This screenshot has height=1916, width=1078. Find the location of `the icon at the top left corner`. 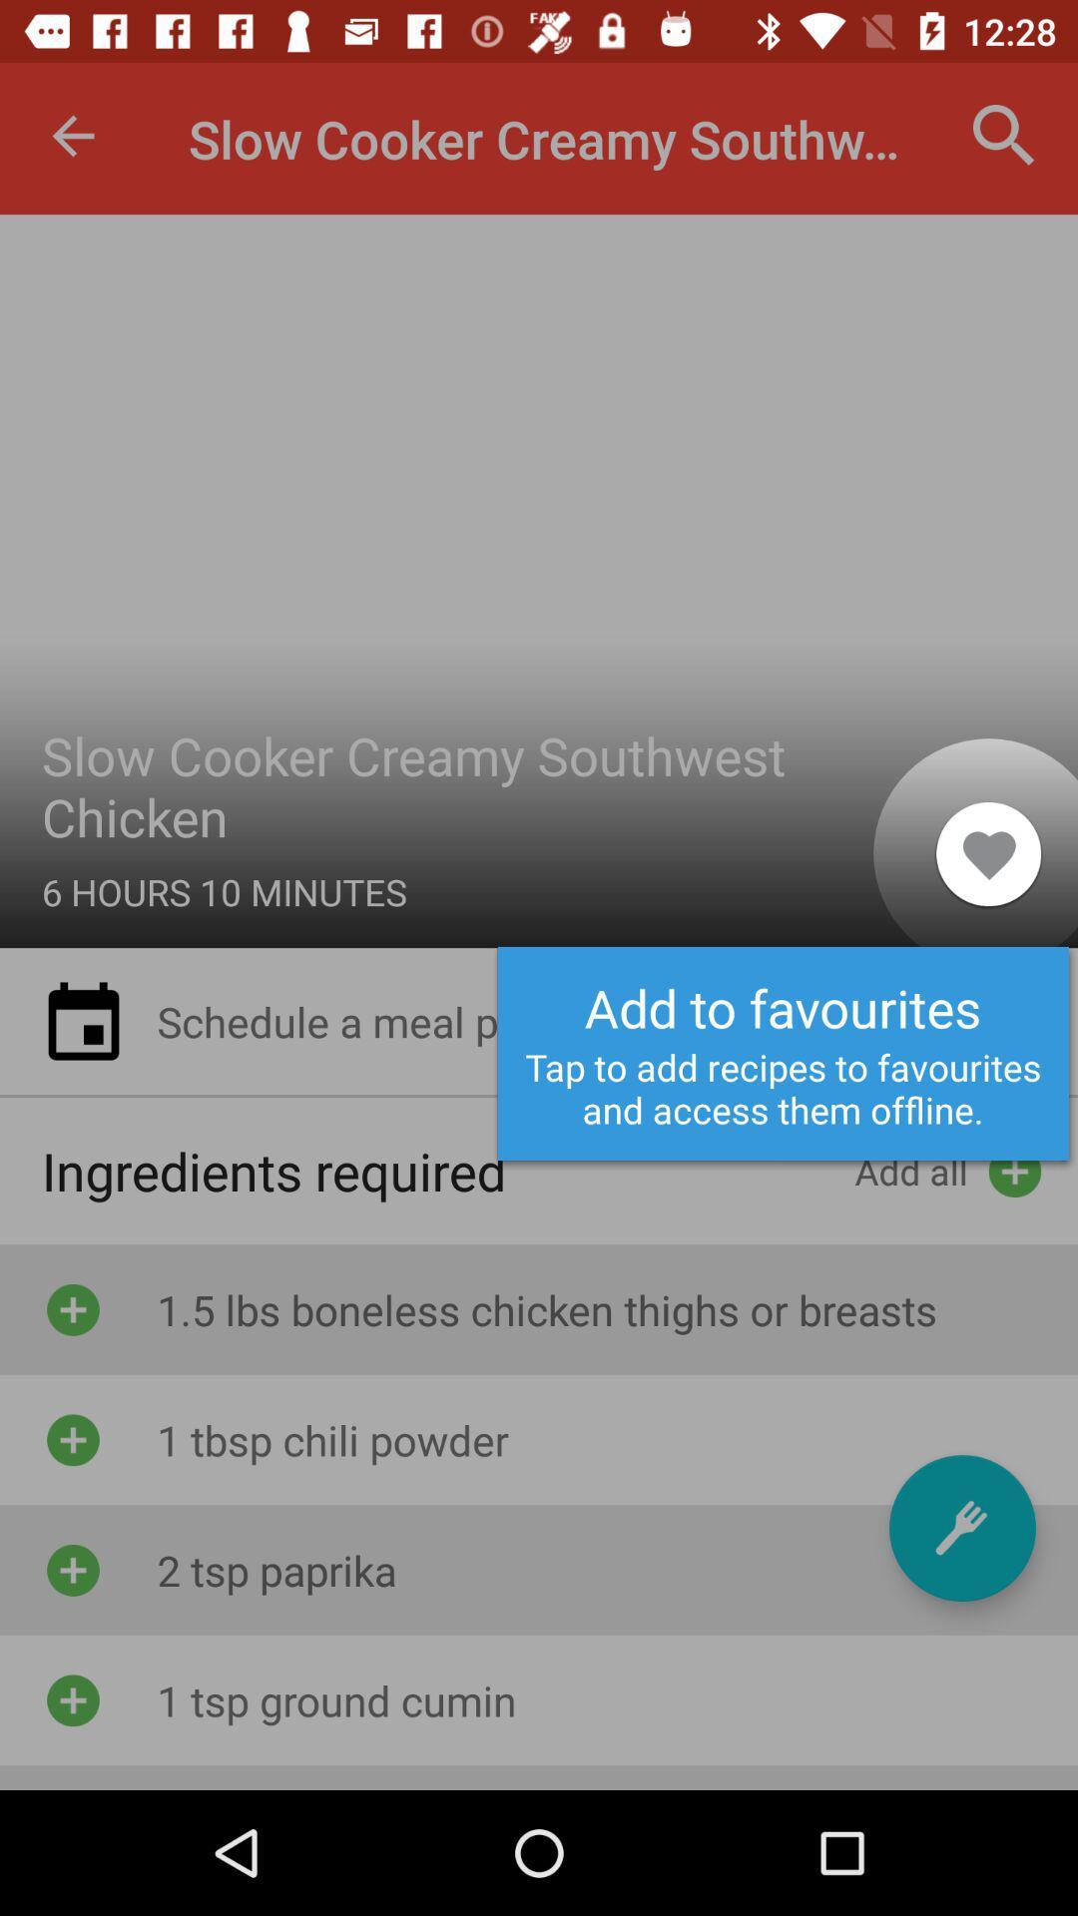

the icon at the top left corner is located at coordinates (72, 135).